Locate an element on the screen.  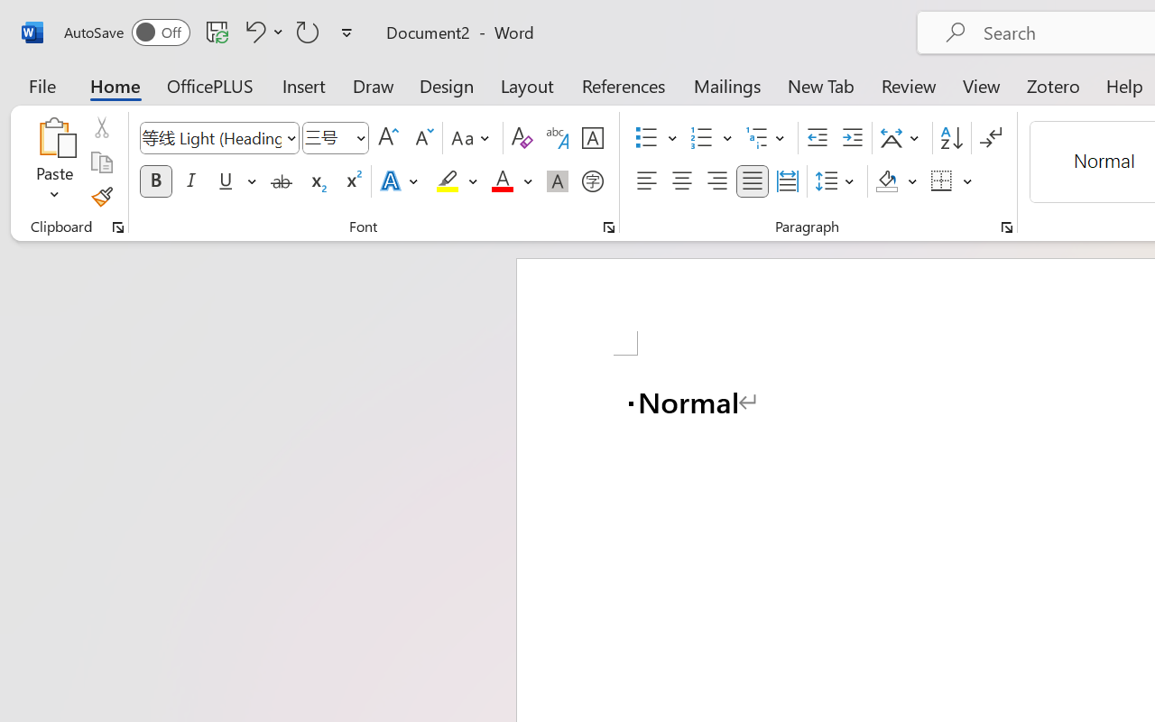
'Shading' is located at coordinates (896, 181).